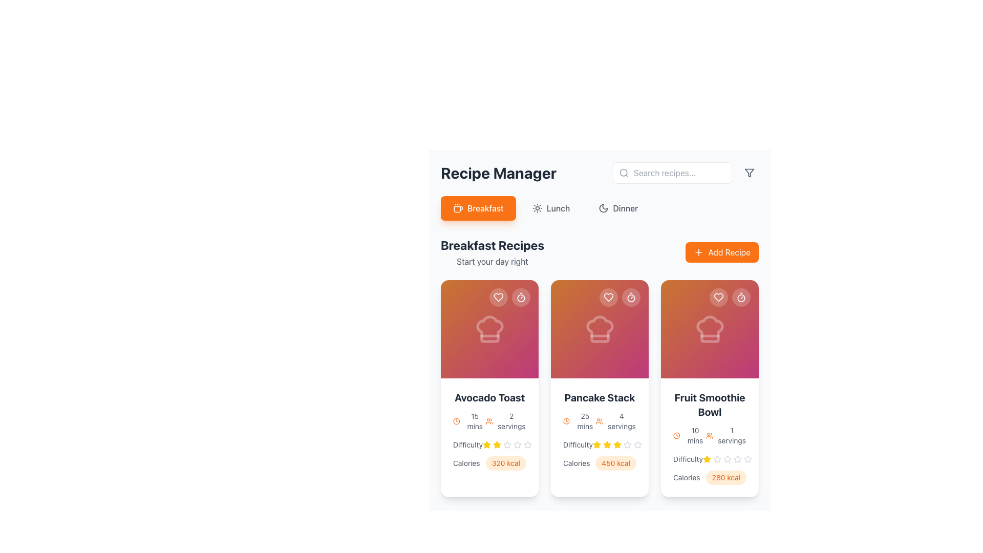 The image size is (983, 553). What do you see at coordinates (499, 297) in the screenshot?
I see `the state of the heart-shaped icon with a hollow outline in the upper-right corner of the 'Avocado Toast' card to determine if the recipe is marked as a favorite` at bounding box center [499, 297].